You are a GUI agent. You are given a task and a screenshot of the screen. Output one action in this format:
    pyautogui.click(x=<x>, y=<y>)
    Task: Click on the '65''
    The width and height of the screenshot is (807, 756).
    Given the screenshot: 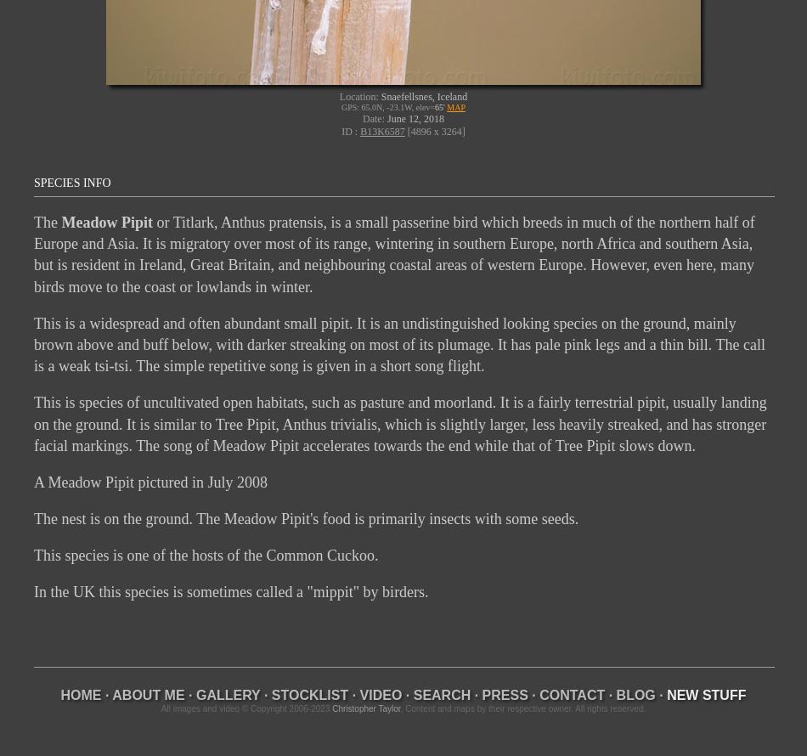 What is the action you would take?
    pyautogui.click(x=439, y=106)
    